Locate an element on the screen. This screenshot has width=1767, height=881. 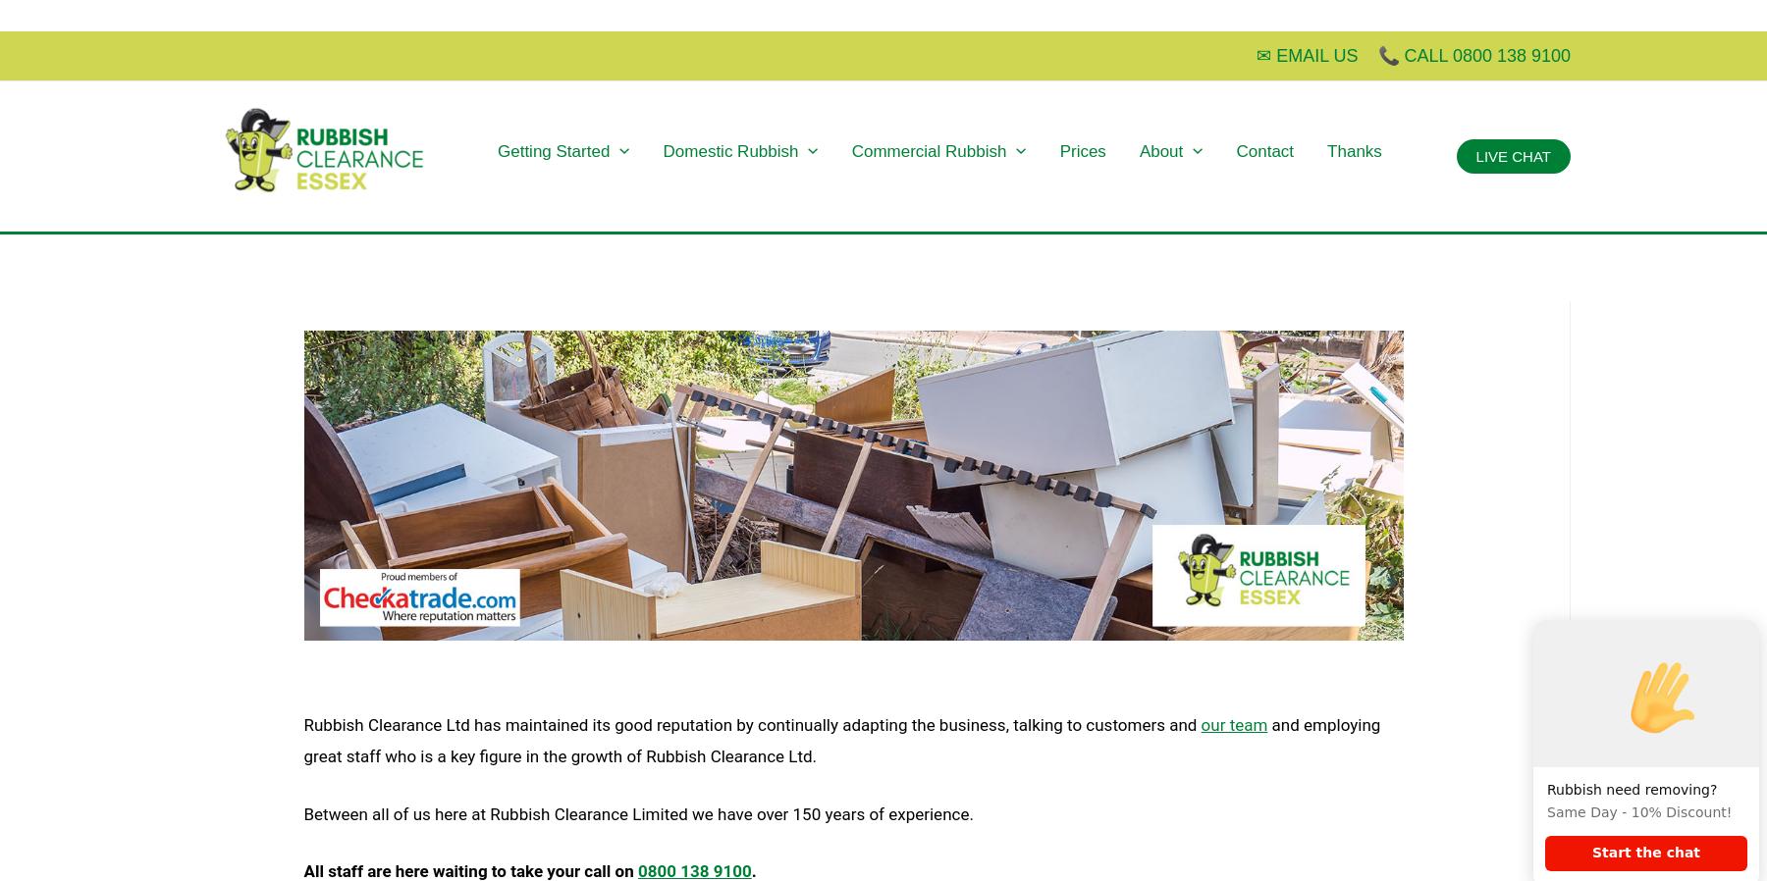
'Prices' is located at coordinates (1082, 149).